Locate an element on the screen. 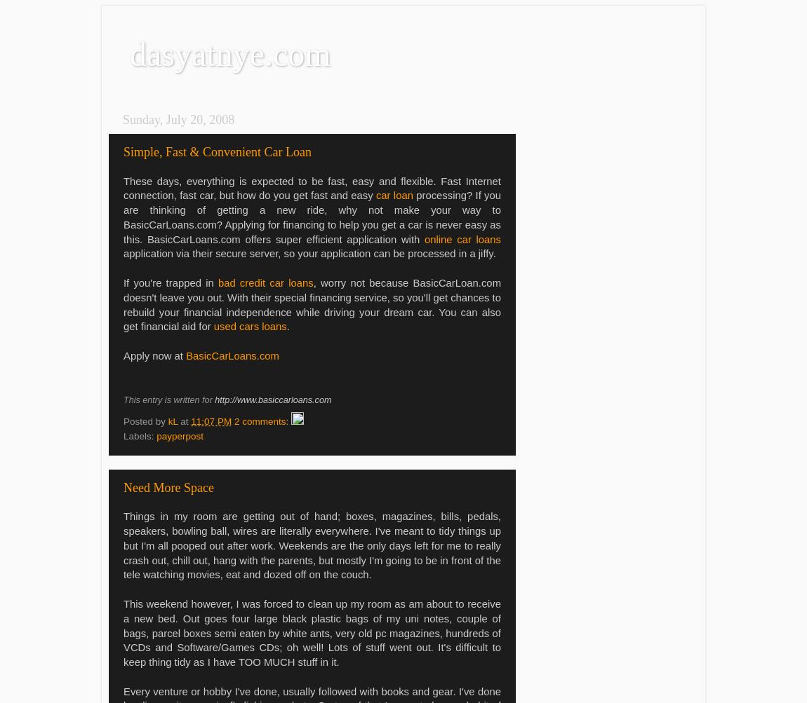 The image size is (807, 703). 'at' is located at coordinates (185, 420).